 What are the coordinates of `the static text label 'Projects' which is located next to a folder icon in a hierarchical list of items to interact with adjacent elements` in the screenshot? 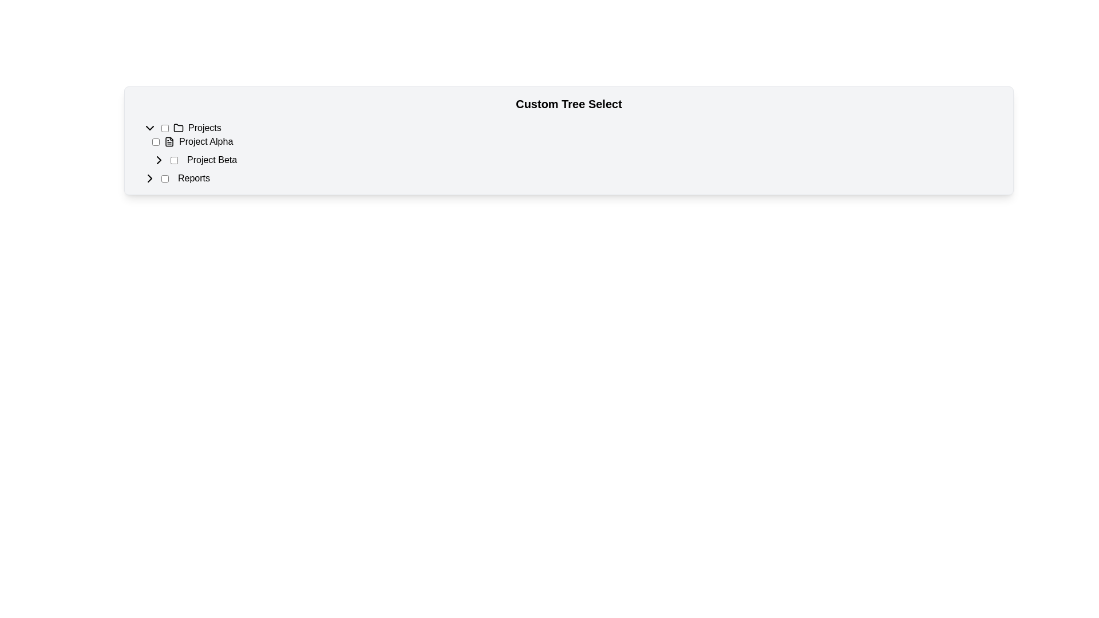 It's located at (204, 128).